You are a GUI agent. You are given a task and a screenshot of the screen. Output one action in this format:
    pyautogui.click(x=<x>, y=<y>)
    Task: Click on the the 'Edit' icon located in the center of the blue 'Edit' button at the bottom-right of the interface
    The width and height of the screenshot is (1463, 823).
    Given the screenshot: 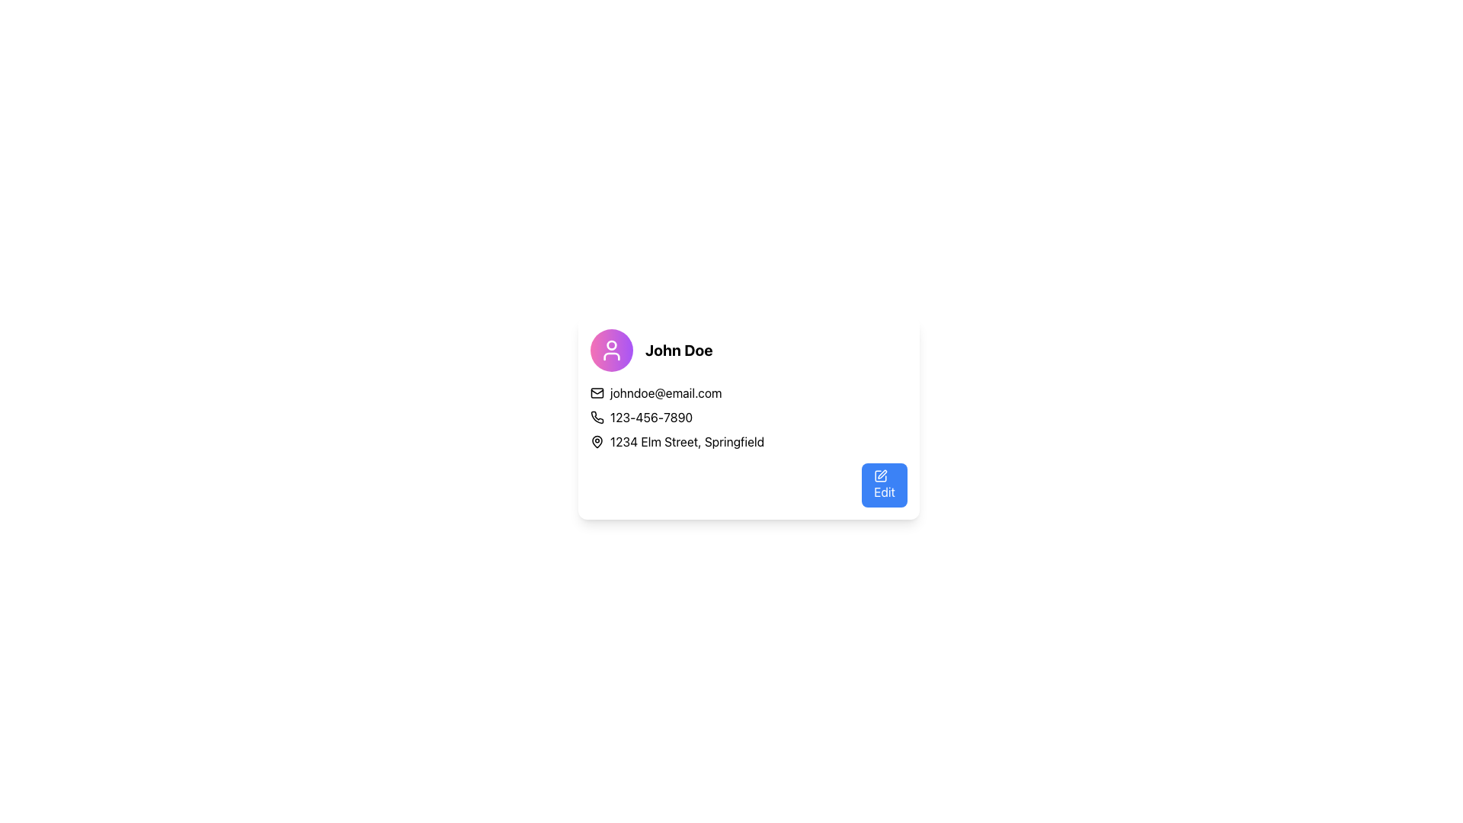 What is the action you would take?
    pyautogui.click(x=882, y=473)
    